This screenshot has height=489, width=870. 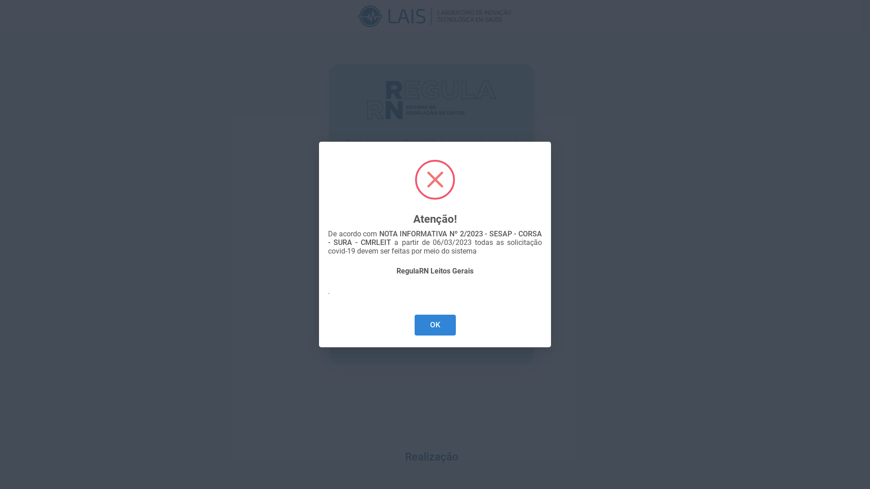 What do you see at coordinates (434, 325) in the screenshot?
I see `'OK'` at bounding box center [434, 325].